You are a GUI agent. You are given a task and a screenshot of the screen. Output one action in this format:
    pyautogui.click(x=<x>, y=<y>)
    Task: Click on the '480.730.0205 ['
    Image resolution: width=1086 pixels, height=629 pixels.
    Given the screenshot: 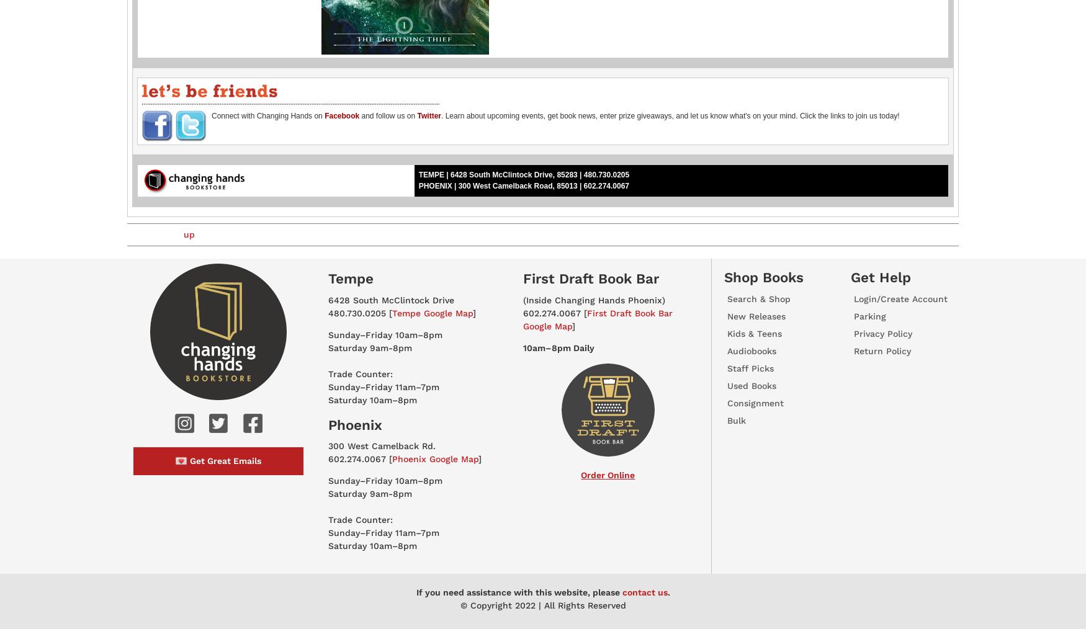 What is the action you would take?
    pyautogui.click(x=359, y=312)
    